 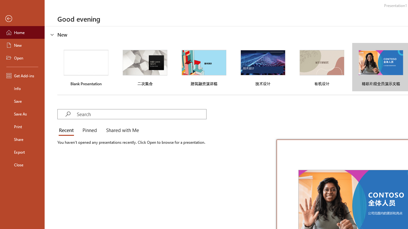 What do you see at coordinates (22, 88) in the screenshot?
I see `'Info'` at bounding box center [22, 88].